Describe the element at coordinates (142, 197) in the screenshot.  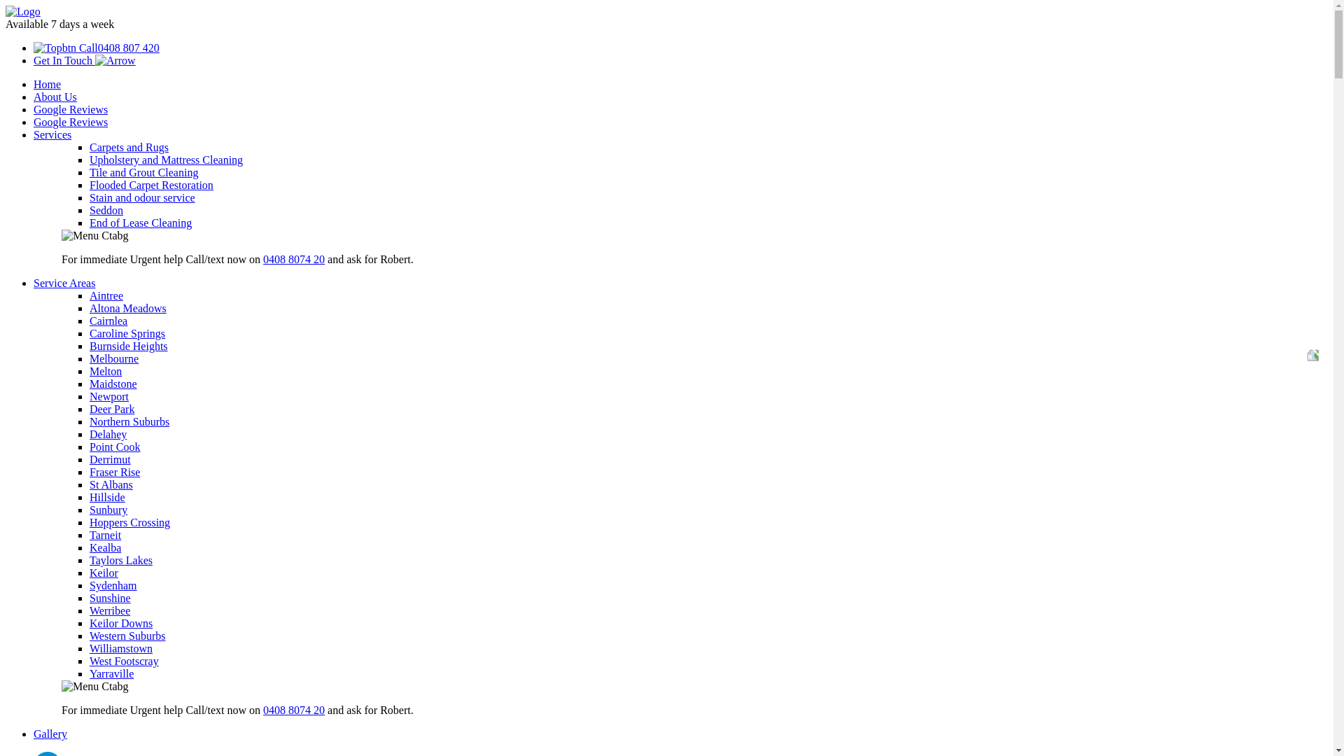
I see `'Stain and odour service'` at that location.